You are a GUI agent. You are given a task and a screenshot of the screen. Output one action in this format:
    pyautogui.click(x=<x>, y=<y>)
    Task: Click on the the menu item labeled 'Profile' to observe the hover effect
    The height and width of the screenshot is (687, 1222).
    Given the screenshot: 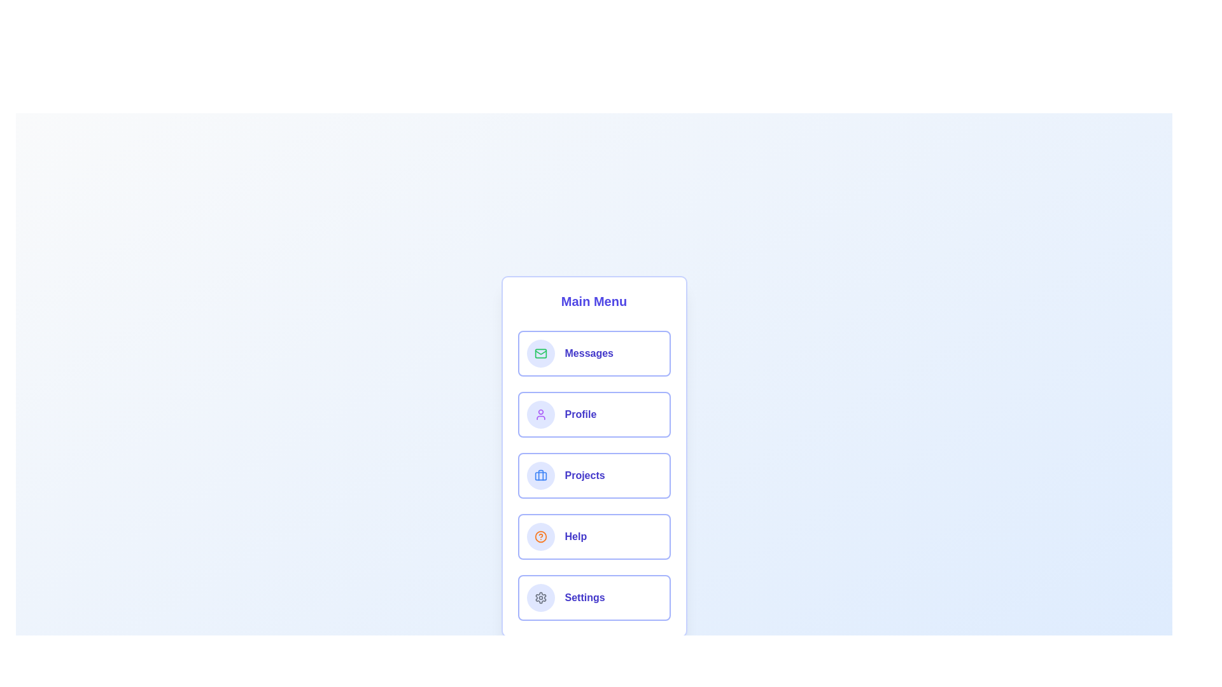 What is the action you would take?
    pyautogui.click(x=593, y=414)
    